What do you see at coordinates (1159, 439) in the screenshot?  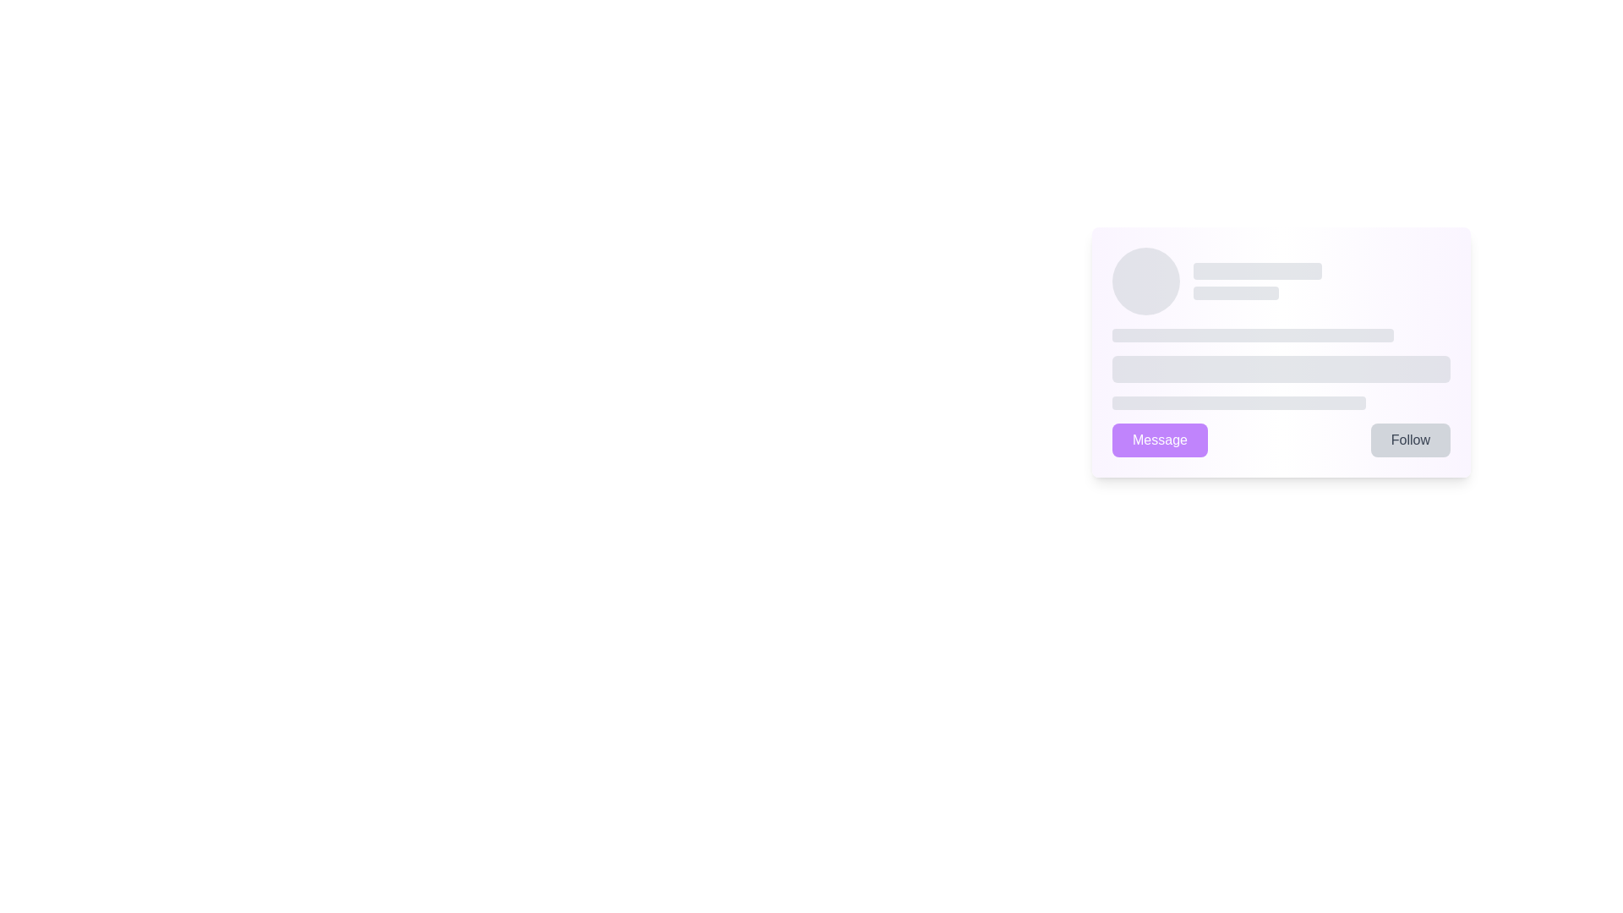 I see `the purple 'Message' button with white text` at bounding box center [1159, 439].